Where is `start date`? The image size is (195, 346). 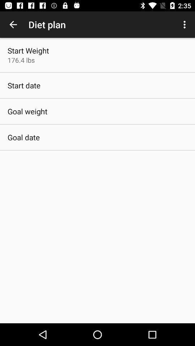 start date is located at coordinates (24, 85).